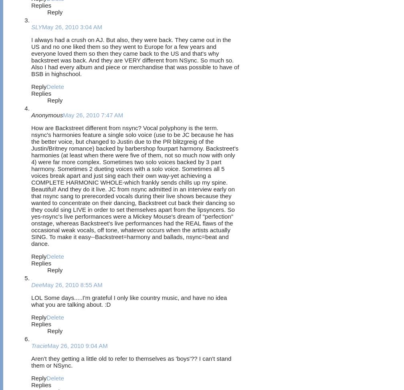 The image size is (404, 390). Describe the element at coordinates (39, 345) in the screenshot. I see `'Tracie'` at that location.